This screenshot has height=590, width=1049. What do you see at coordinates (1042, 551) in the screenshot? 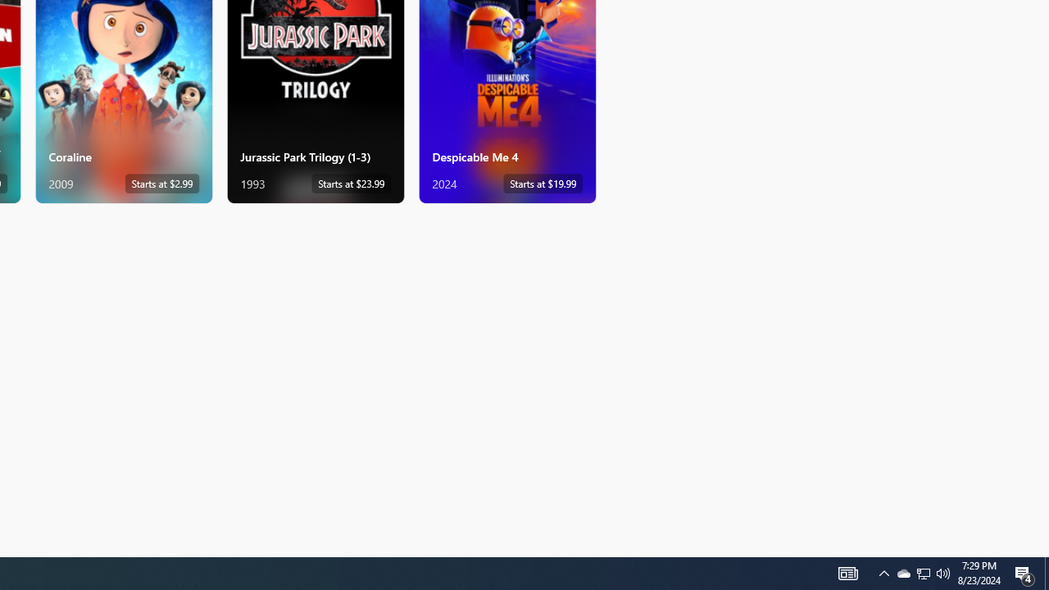
I see `'Vertical Small Increase'` at bounding box center [1042, 551].